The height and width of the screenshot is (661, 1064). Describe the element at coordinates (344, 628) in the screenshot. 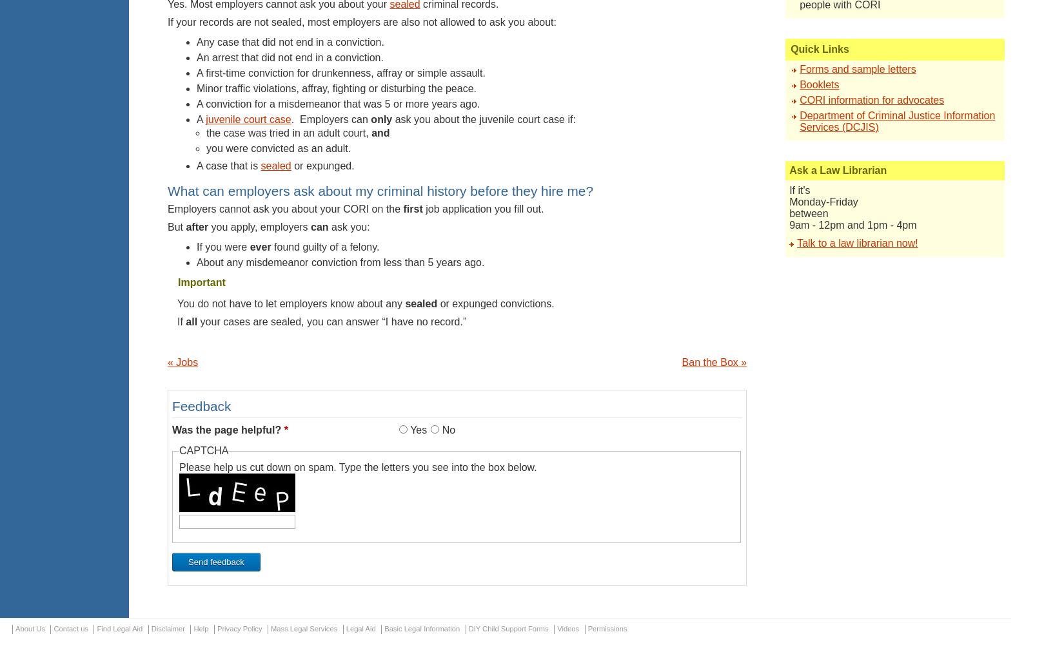

I see `'Legal Aid'` at that location.